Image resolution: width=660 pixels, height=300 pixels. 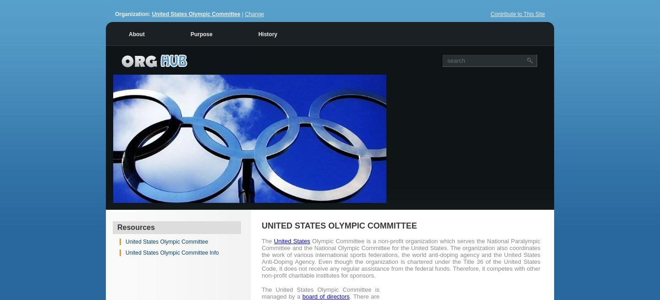 I want to click on 'Purpose', so click(x=201, y=33).